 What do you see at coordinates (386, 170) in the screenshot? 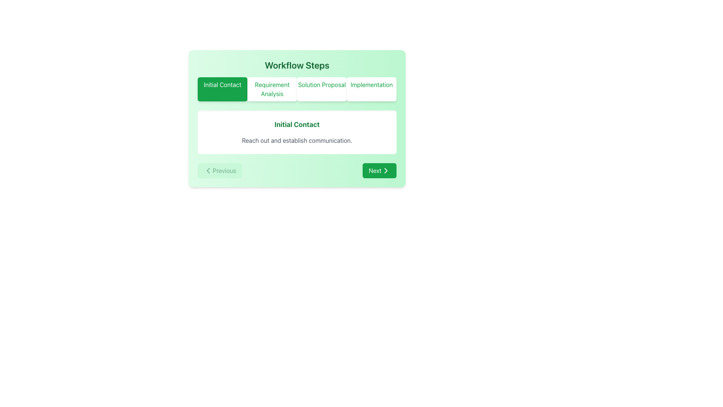
I see `the 'Next' button, which contains a right-pointing chevron icon` at bounding box center [386, 170].